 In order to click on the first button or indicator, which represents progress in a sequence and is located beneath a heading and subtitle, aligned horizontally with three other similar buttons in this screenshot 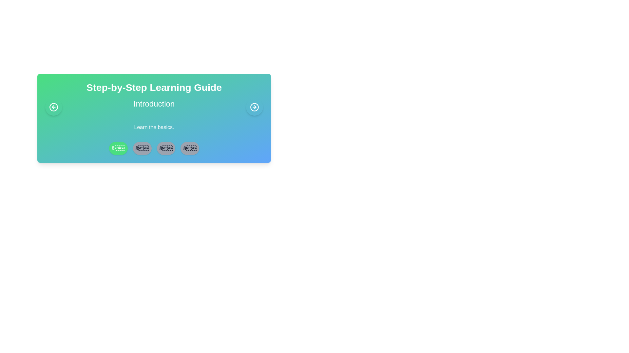, I will do `click(118, 148)`.